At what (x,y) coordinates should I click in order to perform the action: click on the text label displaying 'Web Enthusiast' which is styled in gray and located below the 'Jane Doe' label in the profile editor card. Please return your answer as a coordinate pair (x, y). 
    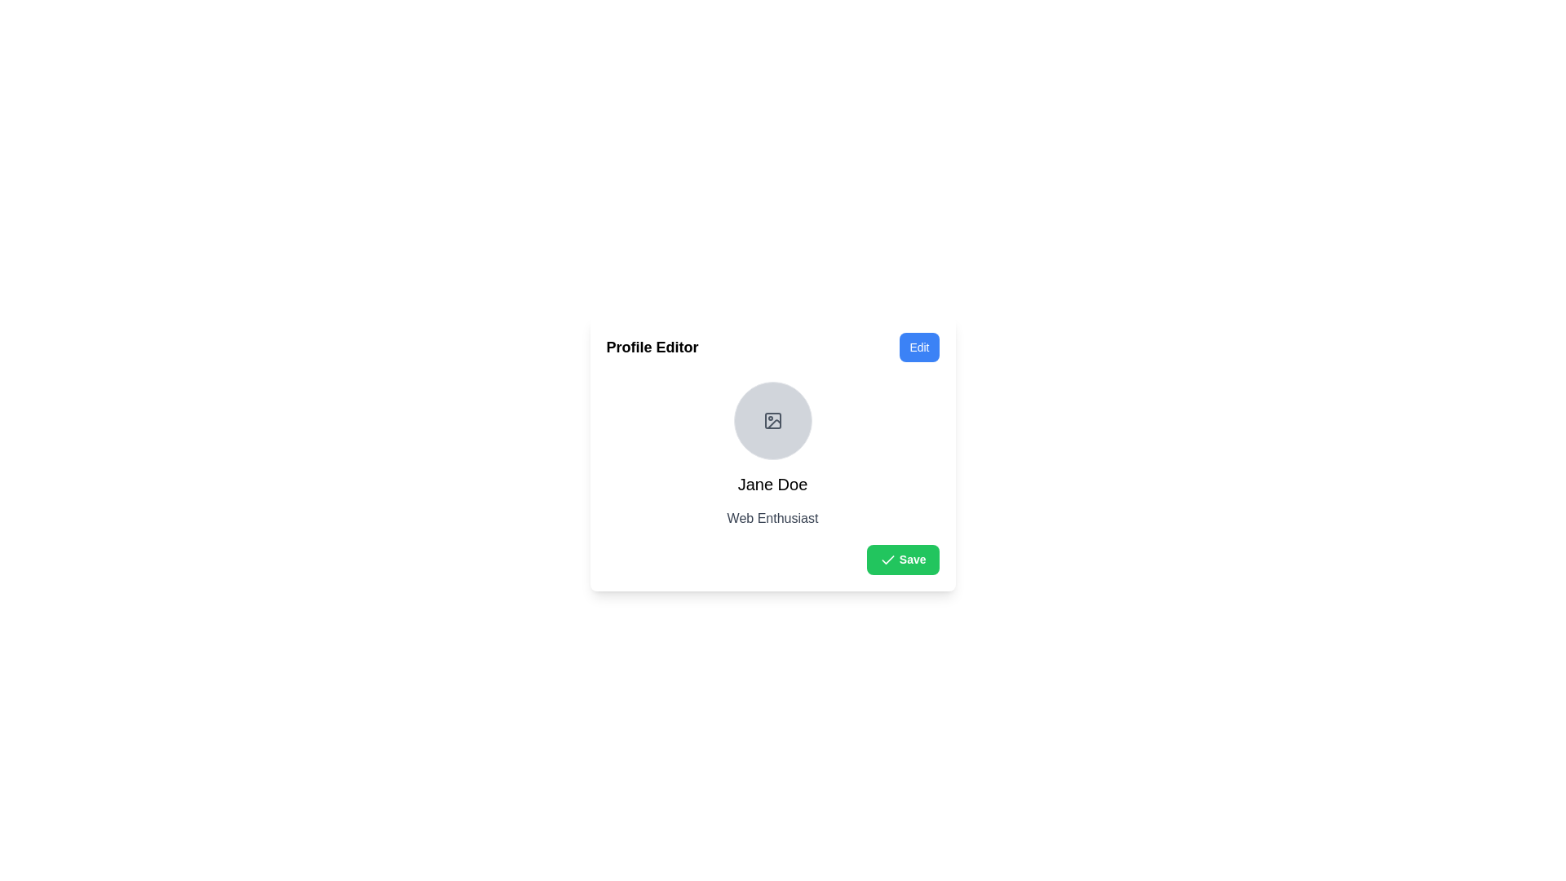
    Looking at the image, I should click on (772, 519).